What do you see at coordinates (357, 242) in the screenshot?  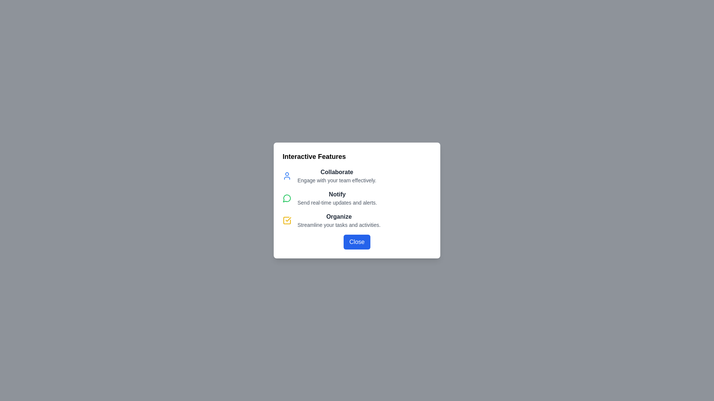 I see `the 'Close' button to dismiss the modal` at bounding box center [357, 242].